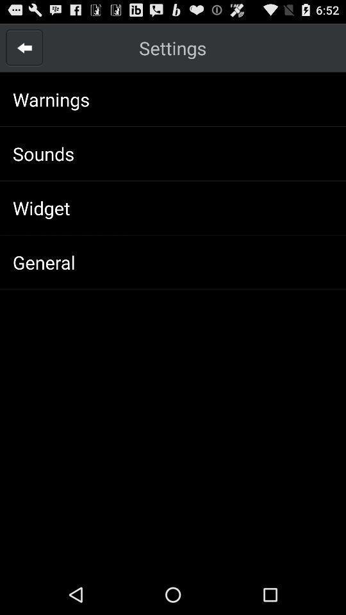 The image size is (346, 615). Describe the element at coordinates (51, 99) in the screenshot. I see `the item above the sounds icon` at that location.